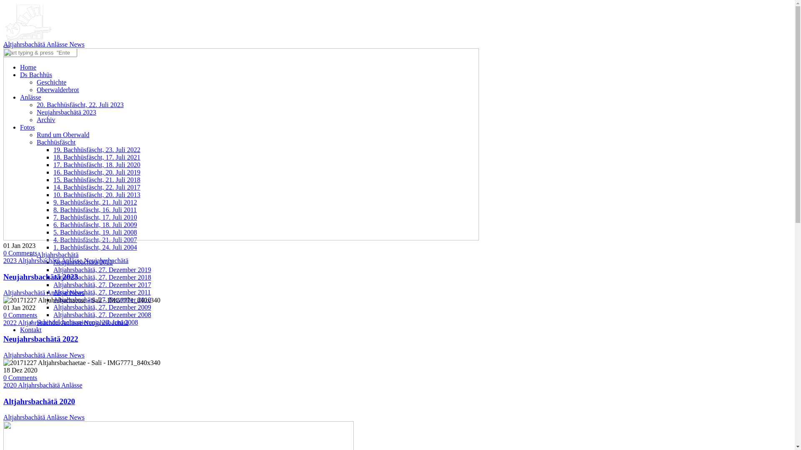  Describe the element at coordinates (87, 322) in the screenshot. I see `'Schindeldachsanierung, 28. Juni 2008'` at that location.